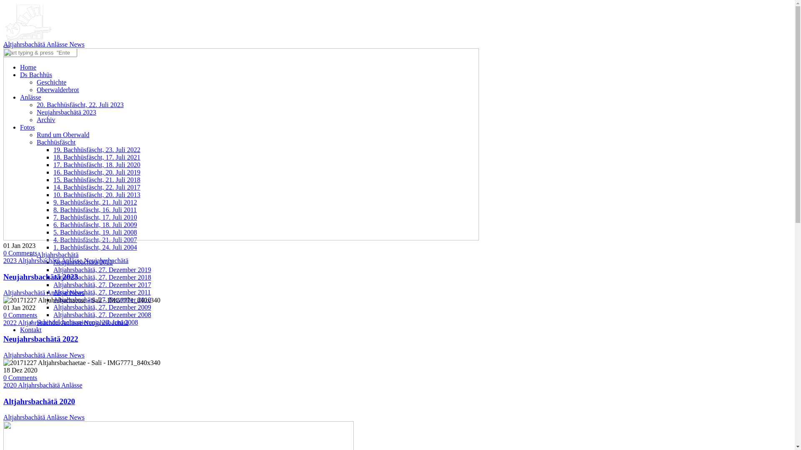  Describe the element at coordinates (87, 322) in the screenshot. I see `'Schindeldachsanierung, 28. Juni 2008'` at that location.